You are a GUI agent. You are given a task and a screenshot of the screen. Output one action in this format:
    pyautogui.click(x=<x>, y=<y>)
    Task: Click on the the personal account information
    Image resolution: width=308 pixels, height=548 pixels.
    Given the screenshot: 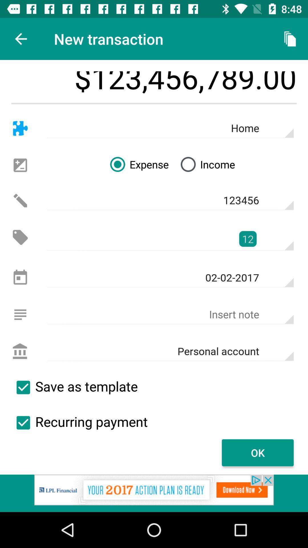 What is the action you would take?
    pyautogui.click(x=20, y=351)
    